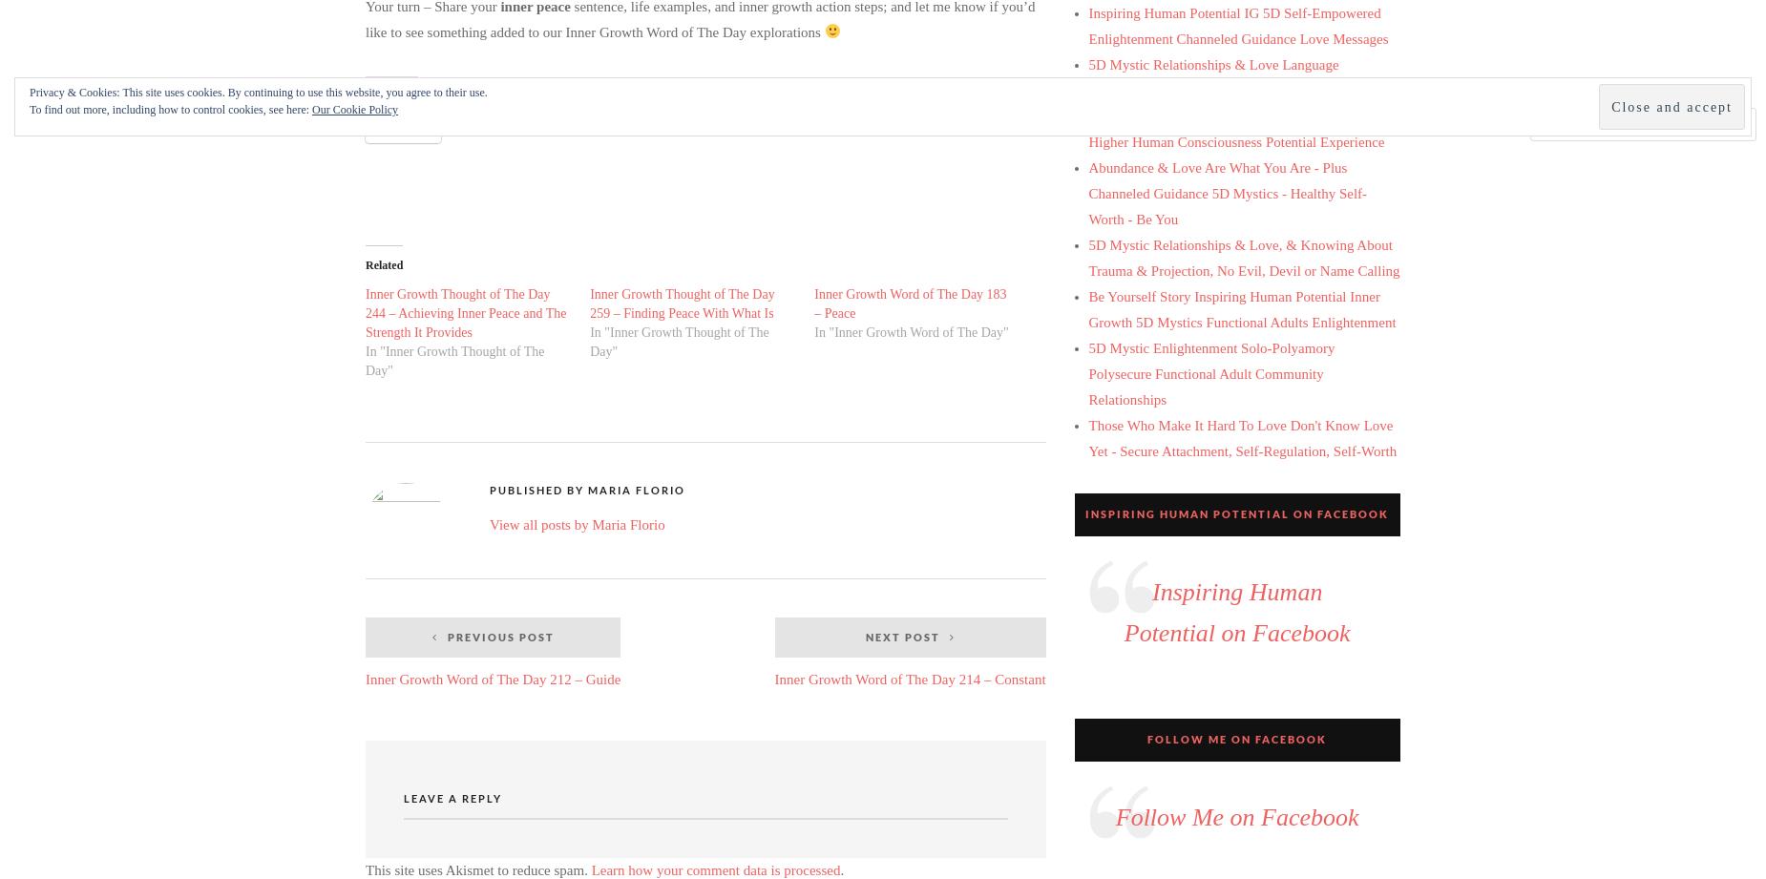  I want to click on 'Follow', so click(1688, 124).